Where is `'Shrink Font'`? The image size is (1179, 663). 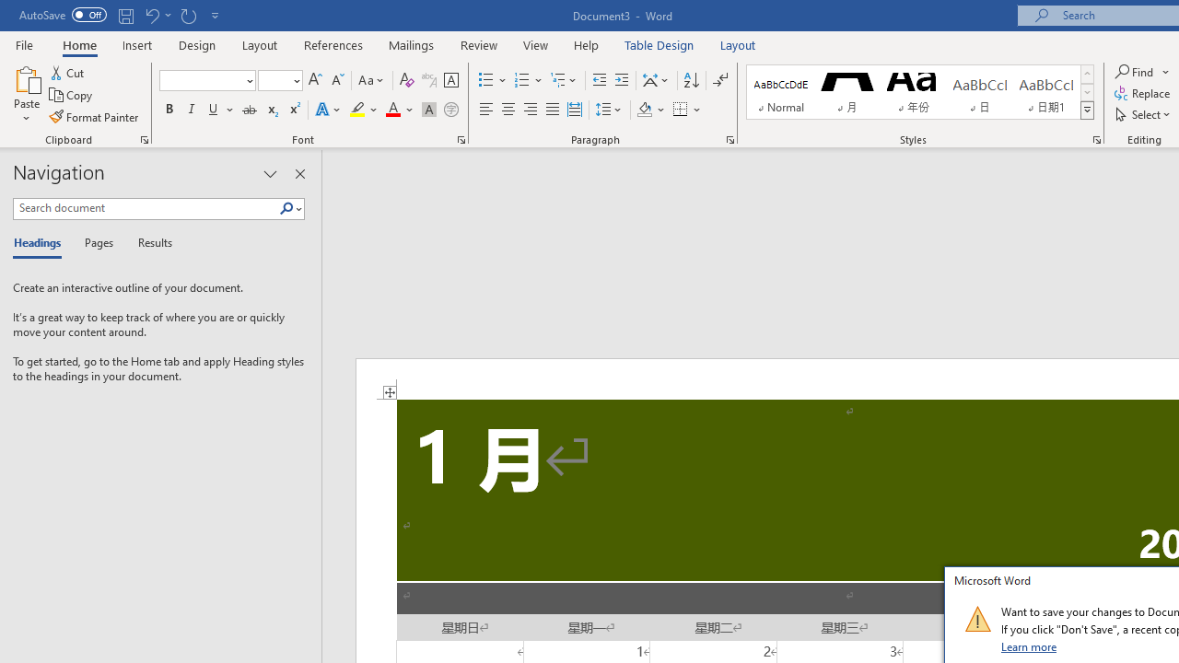 'Shrink Font' is located at coordinates (337, 79).